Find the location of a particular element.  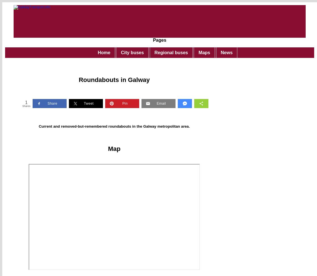

'Map' is located at coordinates (114, 148).